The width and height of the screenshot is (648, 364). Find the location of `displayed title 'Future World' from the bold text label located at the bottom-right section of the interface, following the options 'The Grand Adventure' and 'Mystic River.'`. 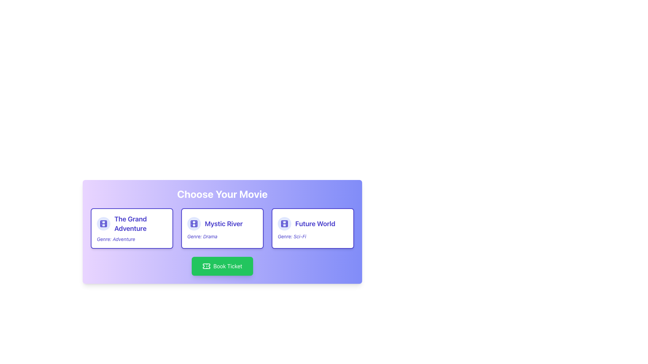

displayed title 'Future World' from the bold text label located at the bottom-right section of the interface, following the options 'The Grand Adventure' and 'Mystic River.' is located at coordinates (315, 223).